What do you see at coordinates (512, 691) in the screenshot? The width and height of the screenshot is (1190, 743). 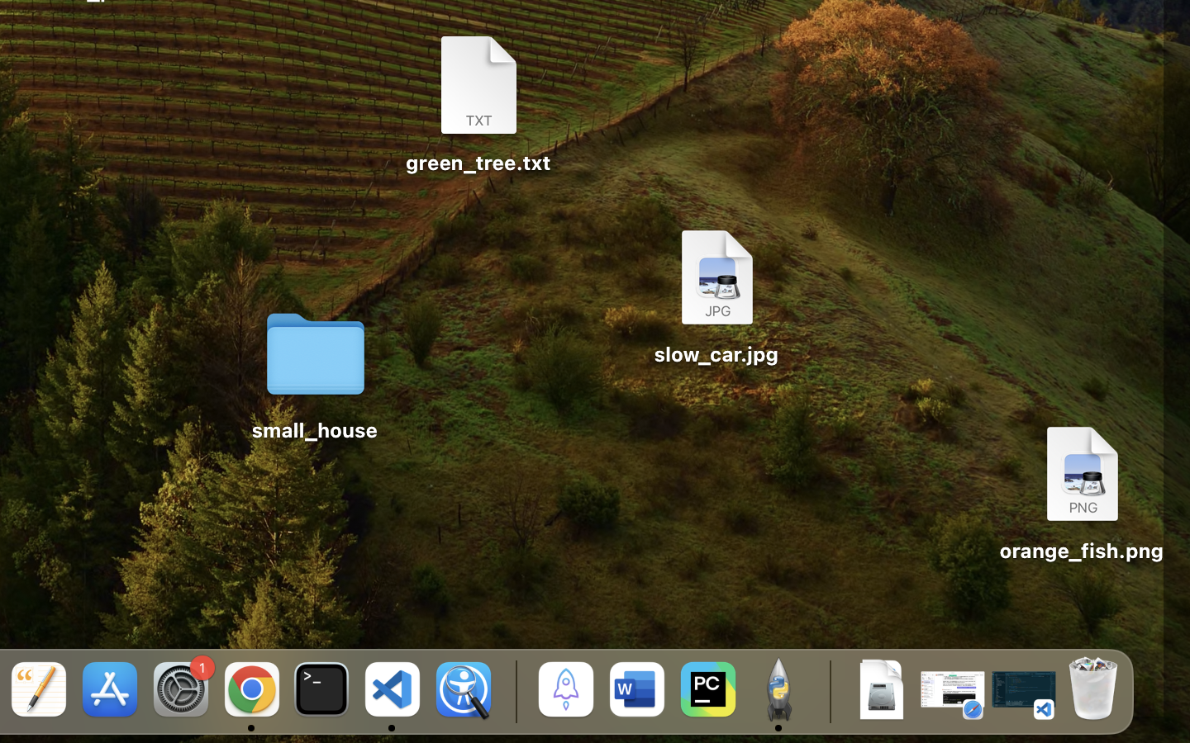 I see `'0.4285714328289032'` at bounding box center [512, 691].